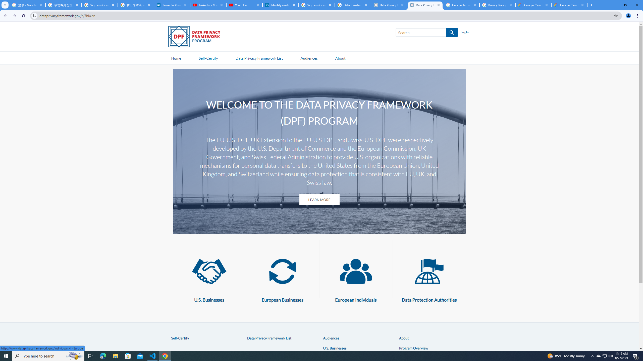 The image size is (643, 361). Describe the element at coordinates (464, 32) in the screenshot. I see `'Log In'` at that location.